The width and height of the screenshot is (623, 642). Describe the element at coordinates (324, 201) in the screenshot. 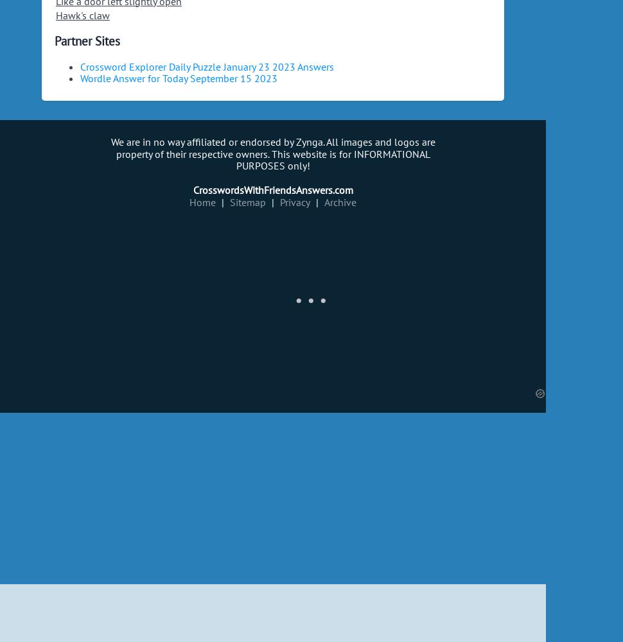

I see `'Archive'` at that location.